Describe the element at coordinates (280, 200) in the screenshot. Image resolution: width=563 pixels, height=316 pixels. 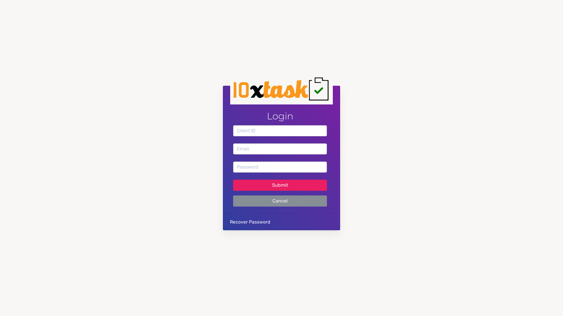
I see `'Cancel'` at that location.